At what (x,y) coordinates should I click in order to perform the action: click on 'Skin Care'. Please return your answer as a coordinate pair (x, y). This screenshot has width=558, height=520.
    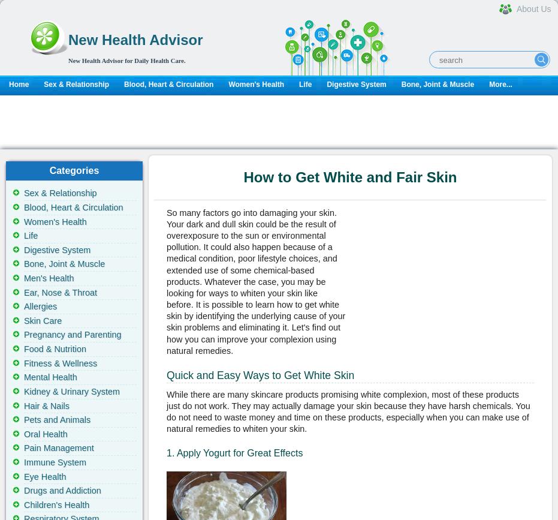
    Looking at the image, I should click on (43, 319).